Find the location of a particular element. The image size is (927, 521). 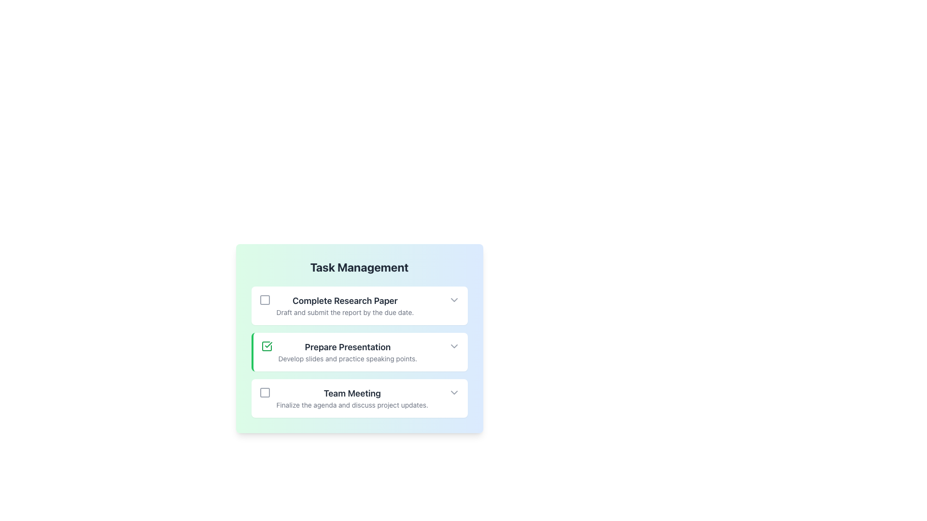

on the task item 'Prepare Presentation' in the task management application is located at coordinates (348, 352).